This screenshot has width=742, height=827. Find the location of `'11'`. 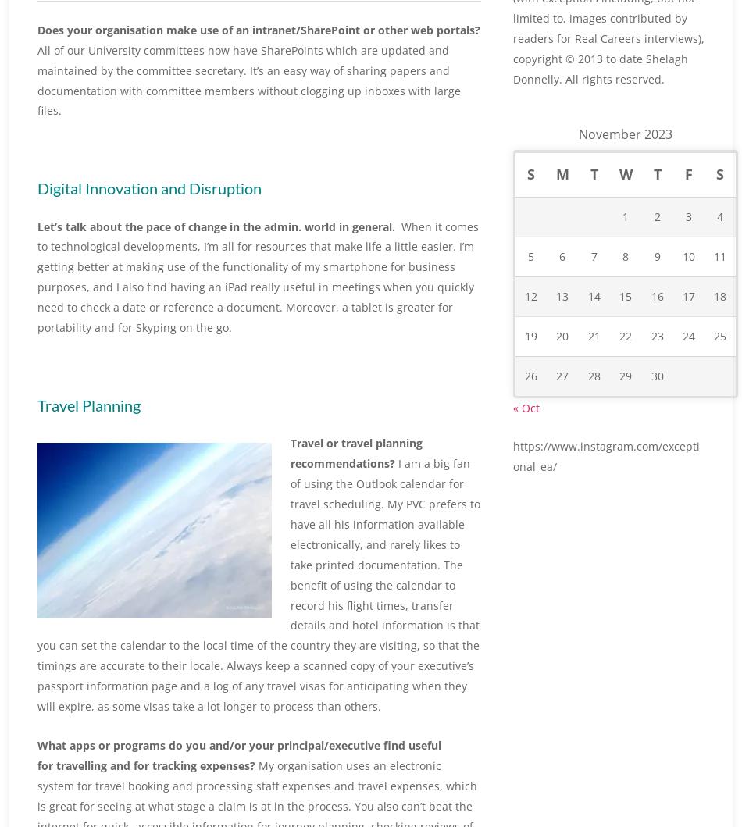

'11' is located at coordinates (712, 290).